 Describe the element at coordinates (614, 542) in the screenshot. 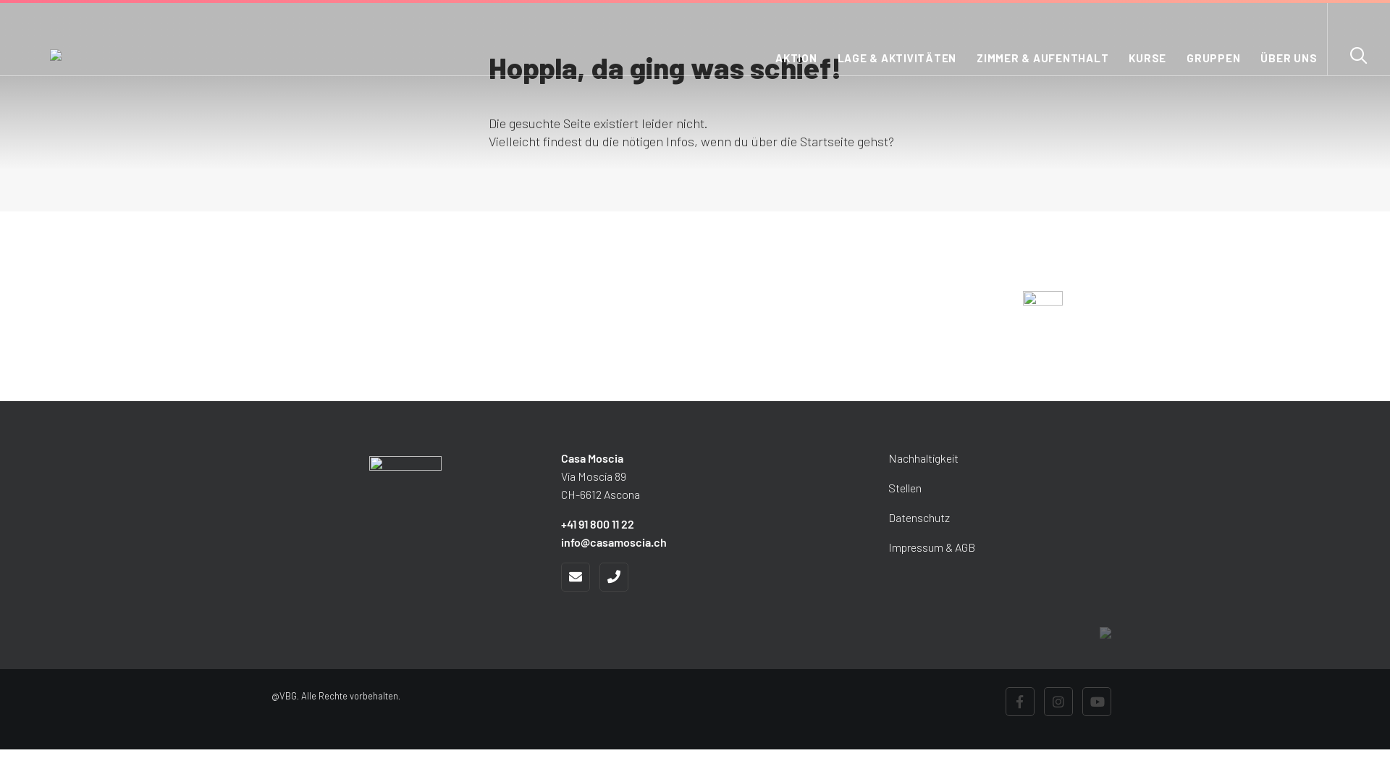

I see `'info@casamoscia.ch'` at that location.